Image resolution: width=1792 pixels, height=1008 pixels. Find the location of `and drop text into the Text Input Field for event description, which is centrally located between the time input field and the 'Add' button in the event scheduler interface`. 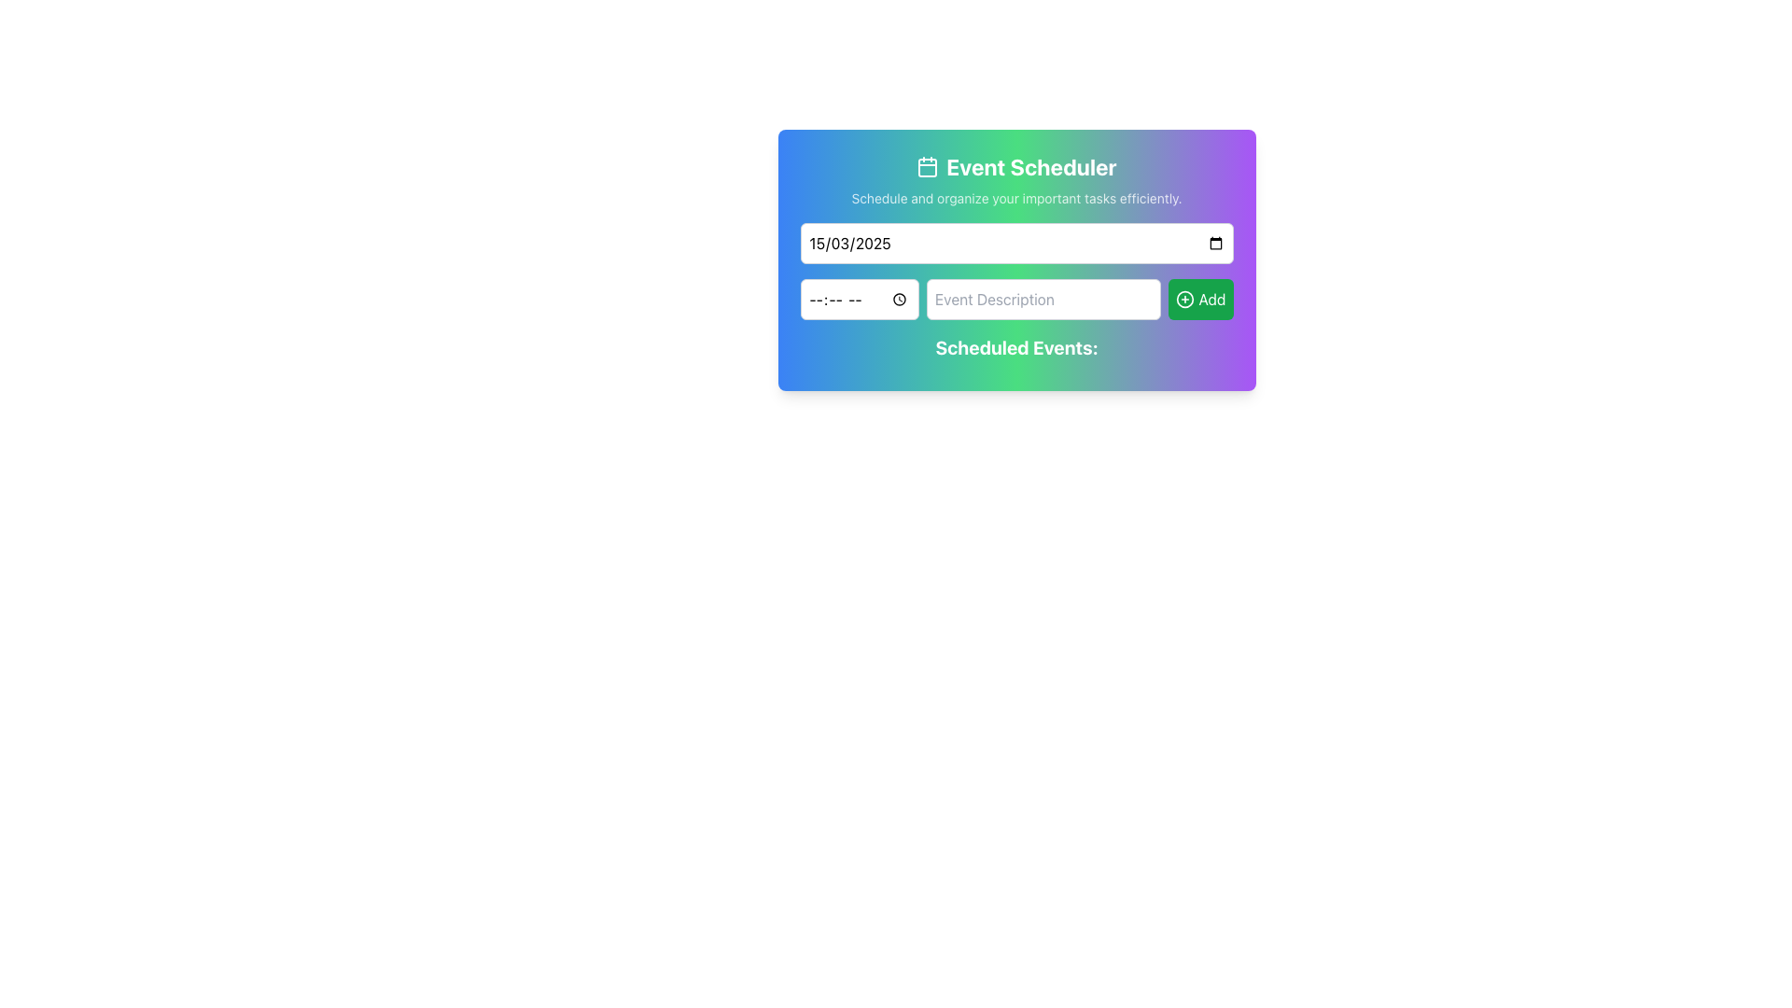

and drop text into the Text Input Field for event description, which is centrally located between the time input field and the 'Add' button in the event scheduler interface is located at coordinates (1043, 298).